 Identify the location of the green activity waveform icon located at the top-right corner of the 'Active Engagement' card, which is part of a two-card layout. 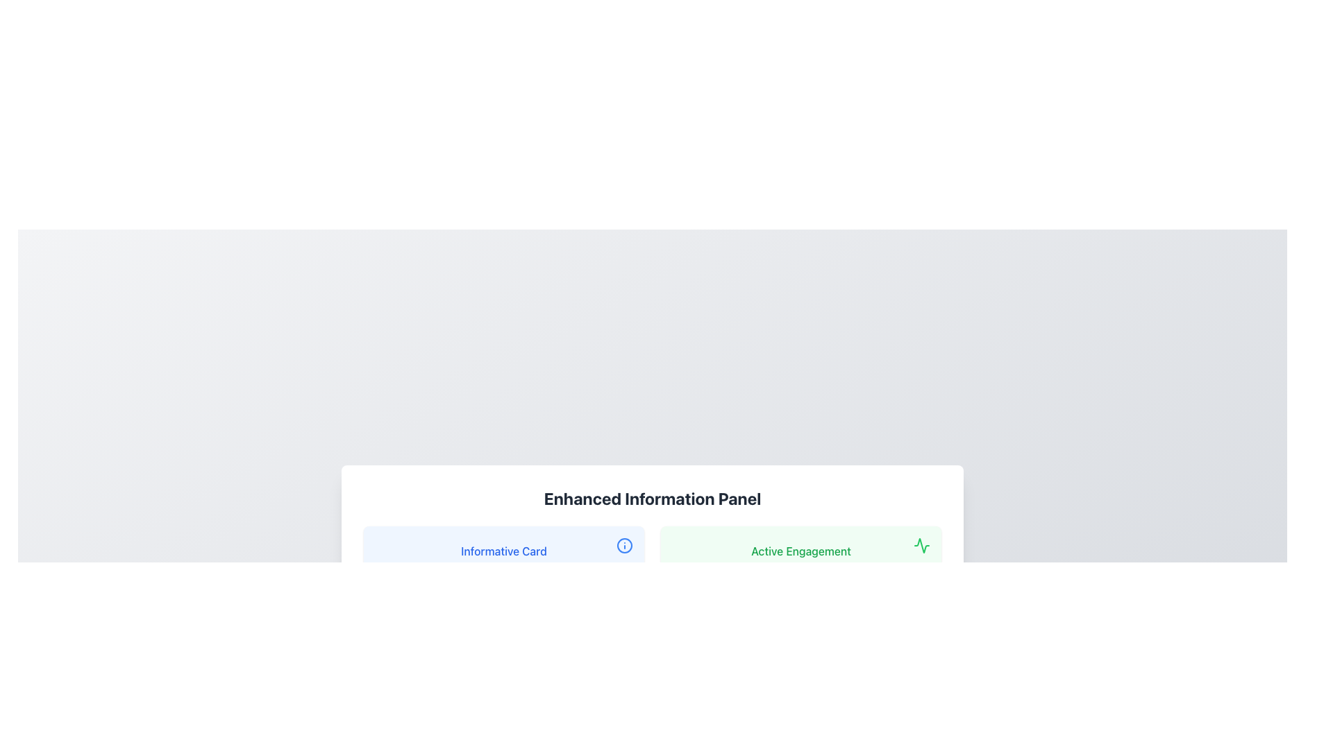
(922, 544).